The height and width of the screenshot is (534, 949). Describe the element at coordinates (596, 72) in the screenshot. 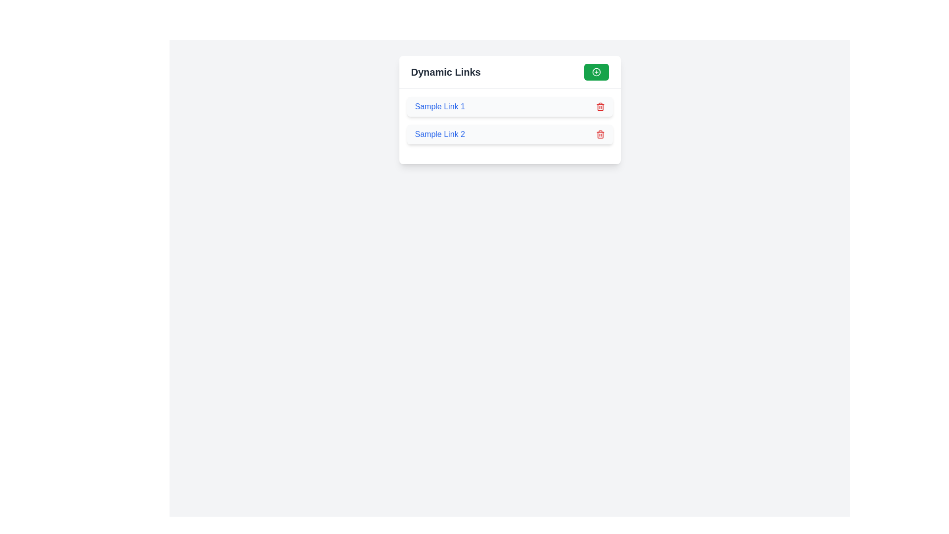

I see `the green rounded rectangular button with a white circle and cross symbol located in the 'Dynamic Links' section` at that location.